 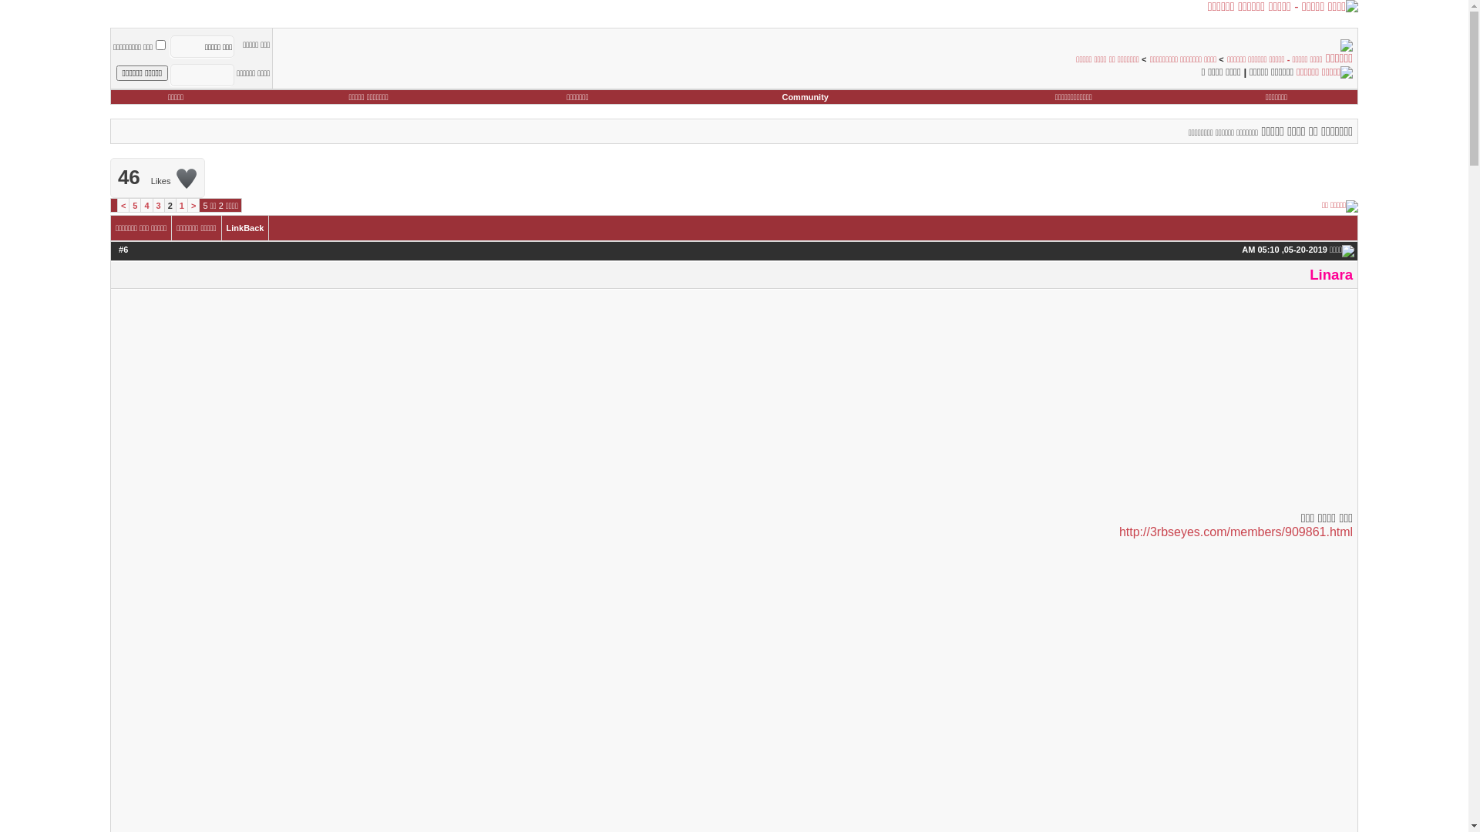 What do you see at coordinates (1330, 273) in the screenshot?
I see `'Linara'` at bounding box center [1330, 273].